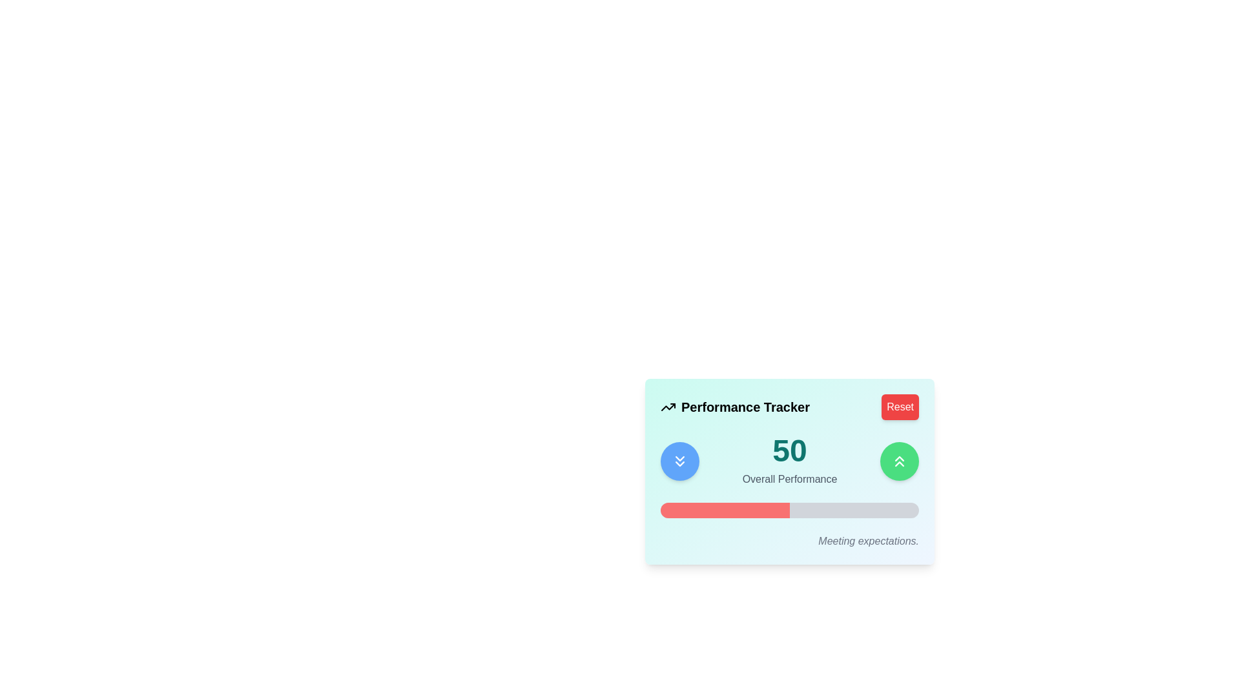 This screenshot has height=697, width=1240. I want to click on the decorative icon located at the top-left corner of the 'Performance Tracker' card, which symbolizes improvement or upward trends, so click(668, 407).